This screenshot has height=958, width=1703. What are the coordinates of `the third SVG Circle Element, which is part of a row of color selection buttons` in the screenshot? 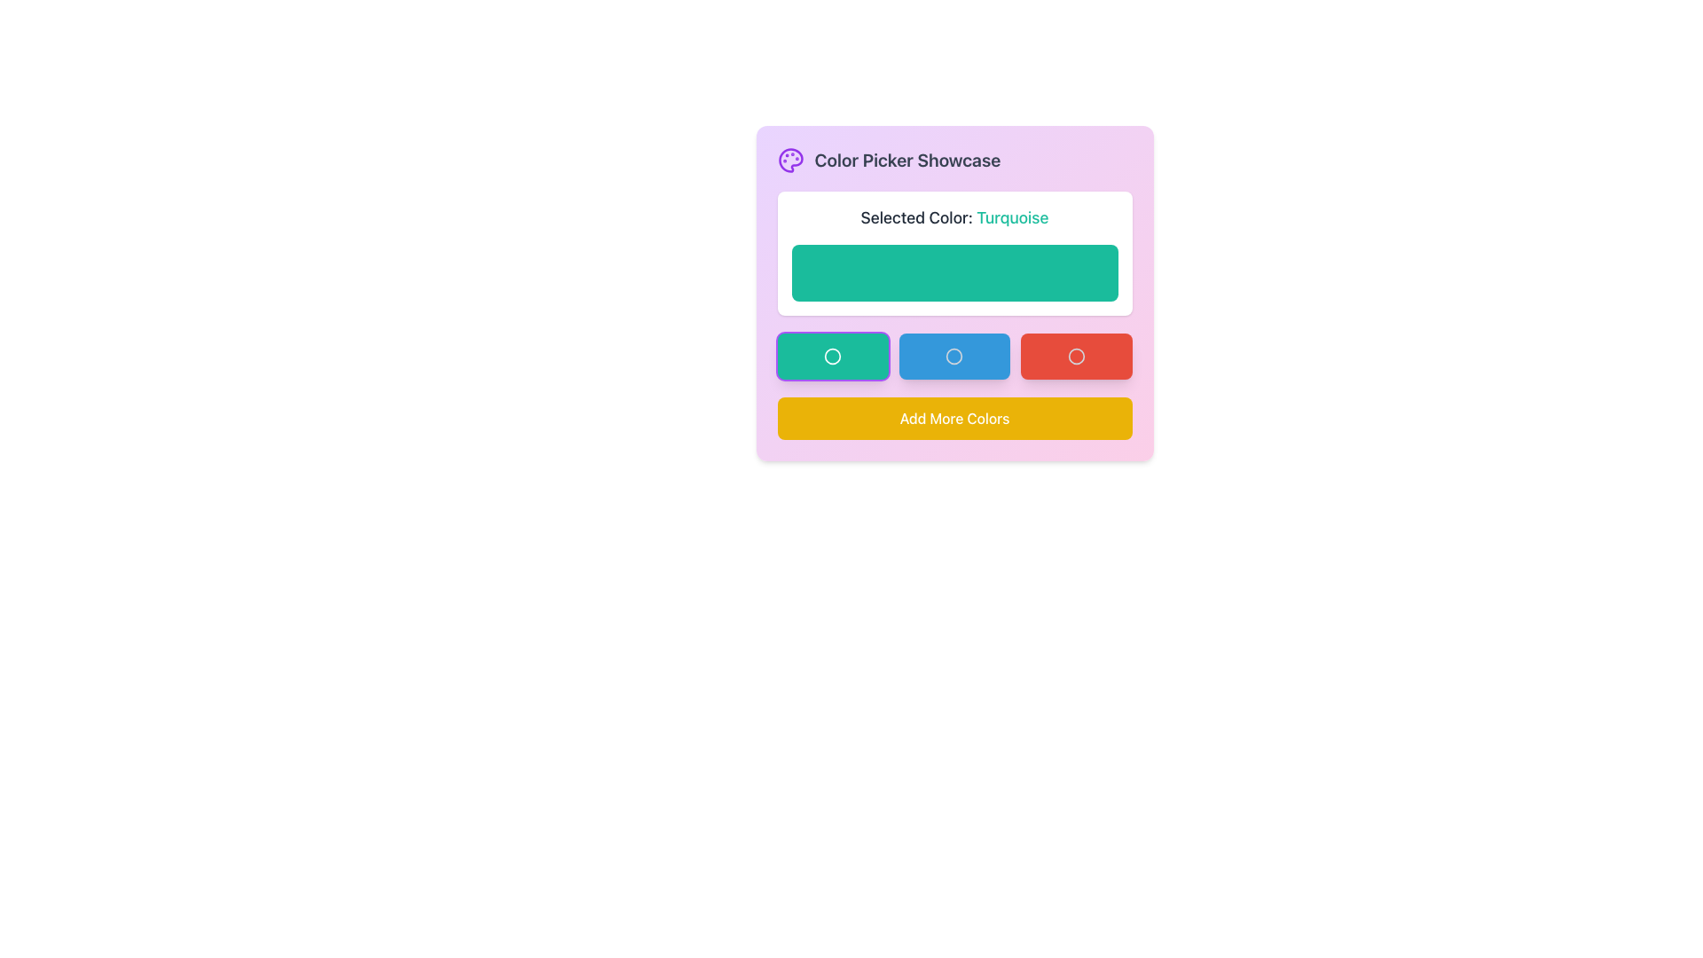 It's located at (1075, 356).